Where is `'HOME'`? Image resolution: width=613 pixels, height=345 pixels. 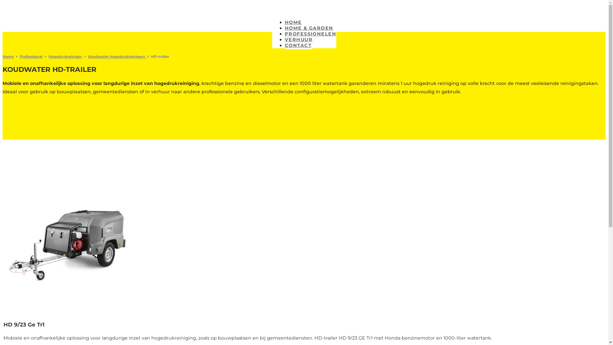 'HOME' is located at coordinates (293, 22).